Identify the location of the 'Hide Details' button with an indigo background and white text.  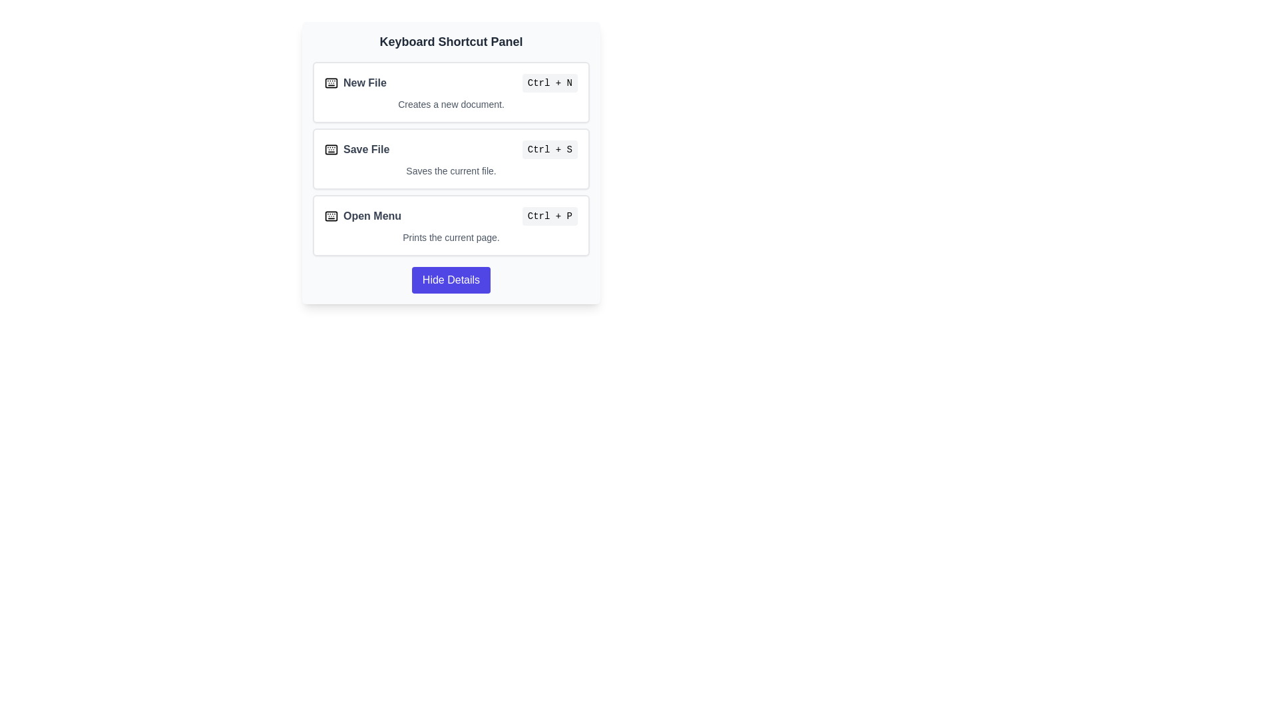
(451, 279).